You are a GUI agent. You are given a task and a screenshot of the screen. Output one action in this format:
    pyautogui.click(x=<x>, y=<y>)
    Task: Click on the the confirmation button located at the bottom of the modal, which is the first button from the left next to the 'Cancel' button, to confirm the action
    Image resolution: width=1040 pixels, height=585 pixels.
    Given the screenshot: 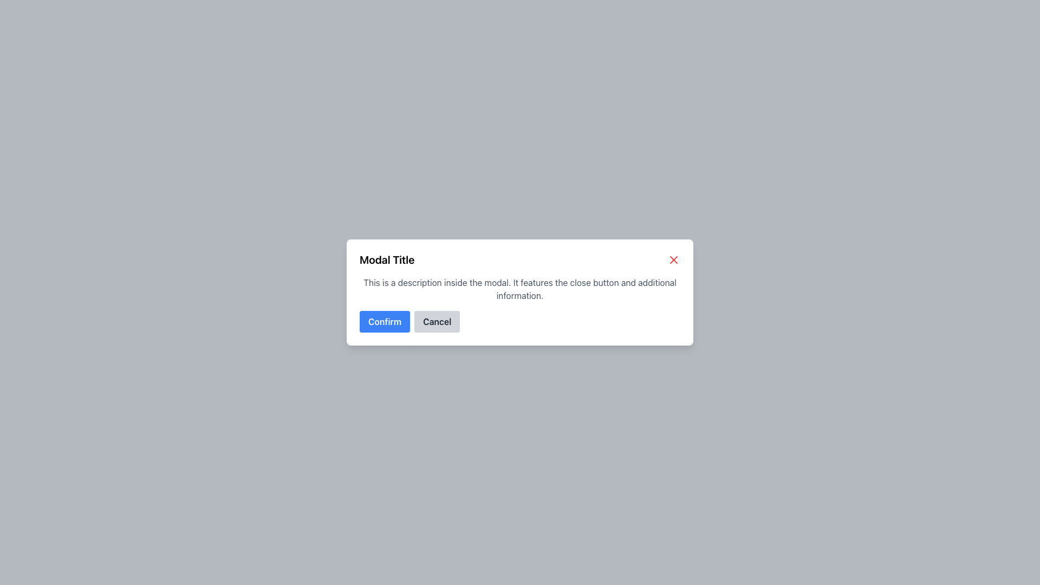 What is the action you would take?
    pyautogui.click(x=385, y=321)
    